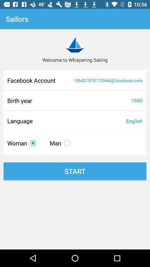  What do you see at coordinates (75, 171) in the screenshot?
I see `start icon` at bounding box center [75, 171].